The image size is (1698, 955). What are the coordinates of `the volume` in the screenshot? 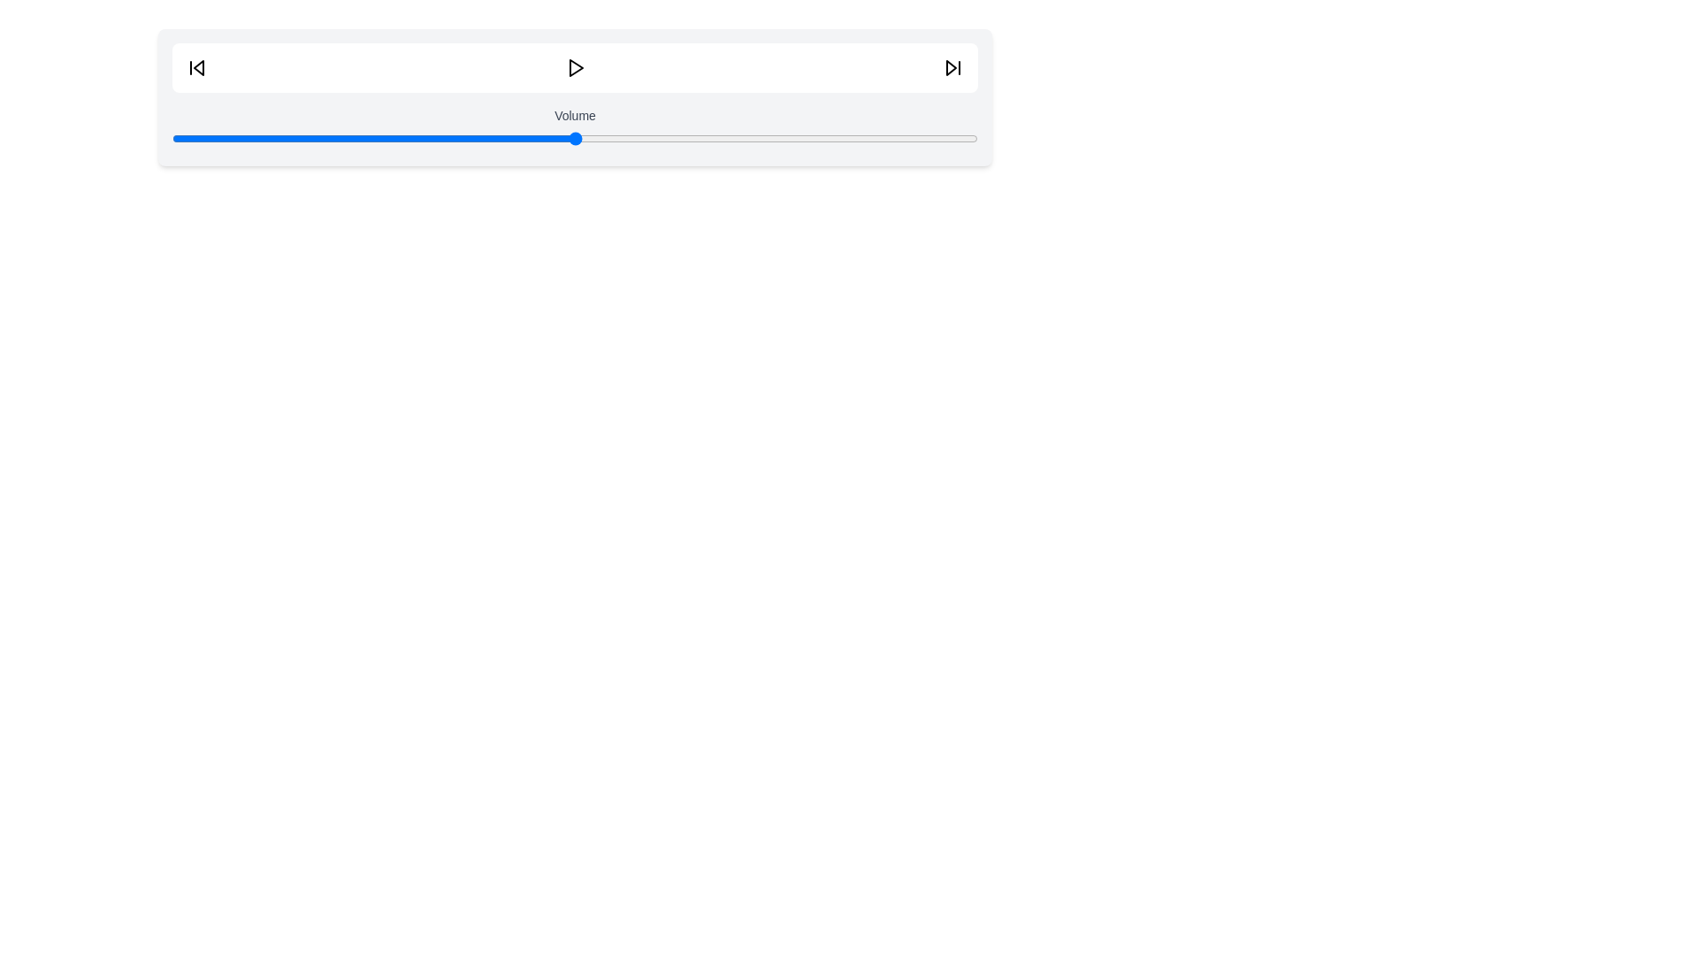 It's located at (712, 138).